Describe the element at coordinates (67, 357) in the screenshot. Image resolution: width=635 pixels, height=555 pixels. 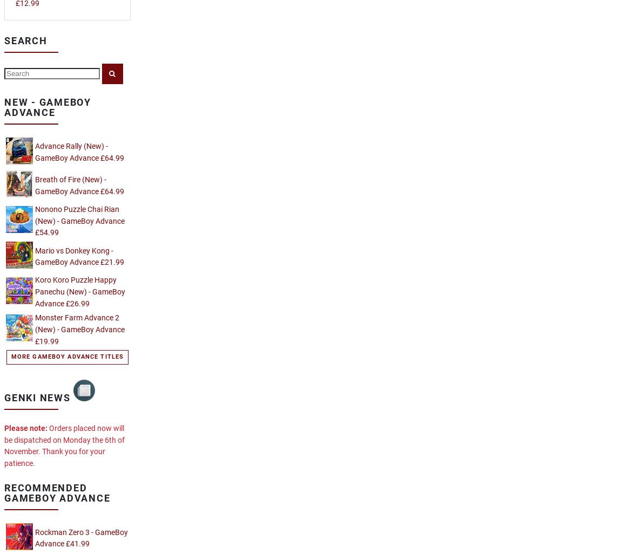
I see `'More GameBoy Advance Titles'` at that location.